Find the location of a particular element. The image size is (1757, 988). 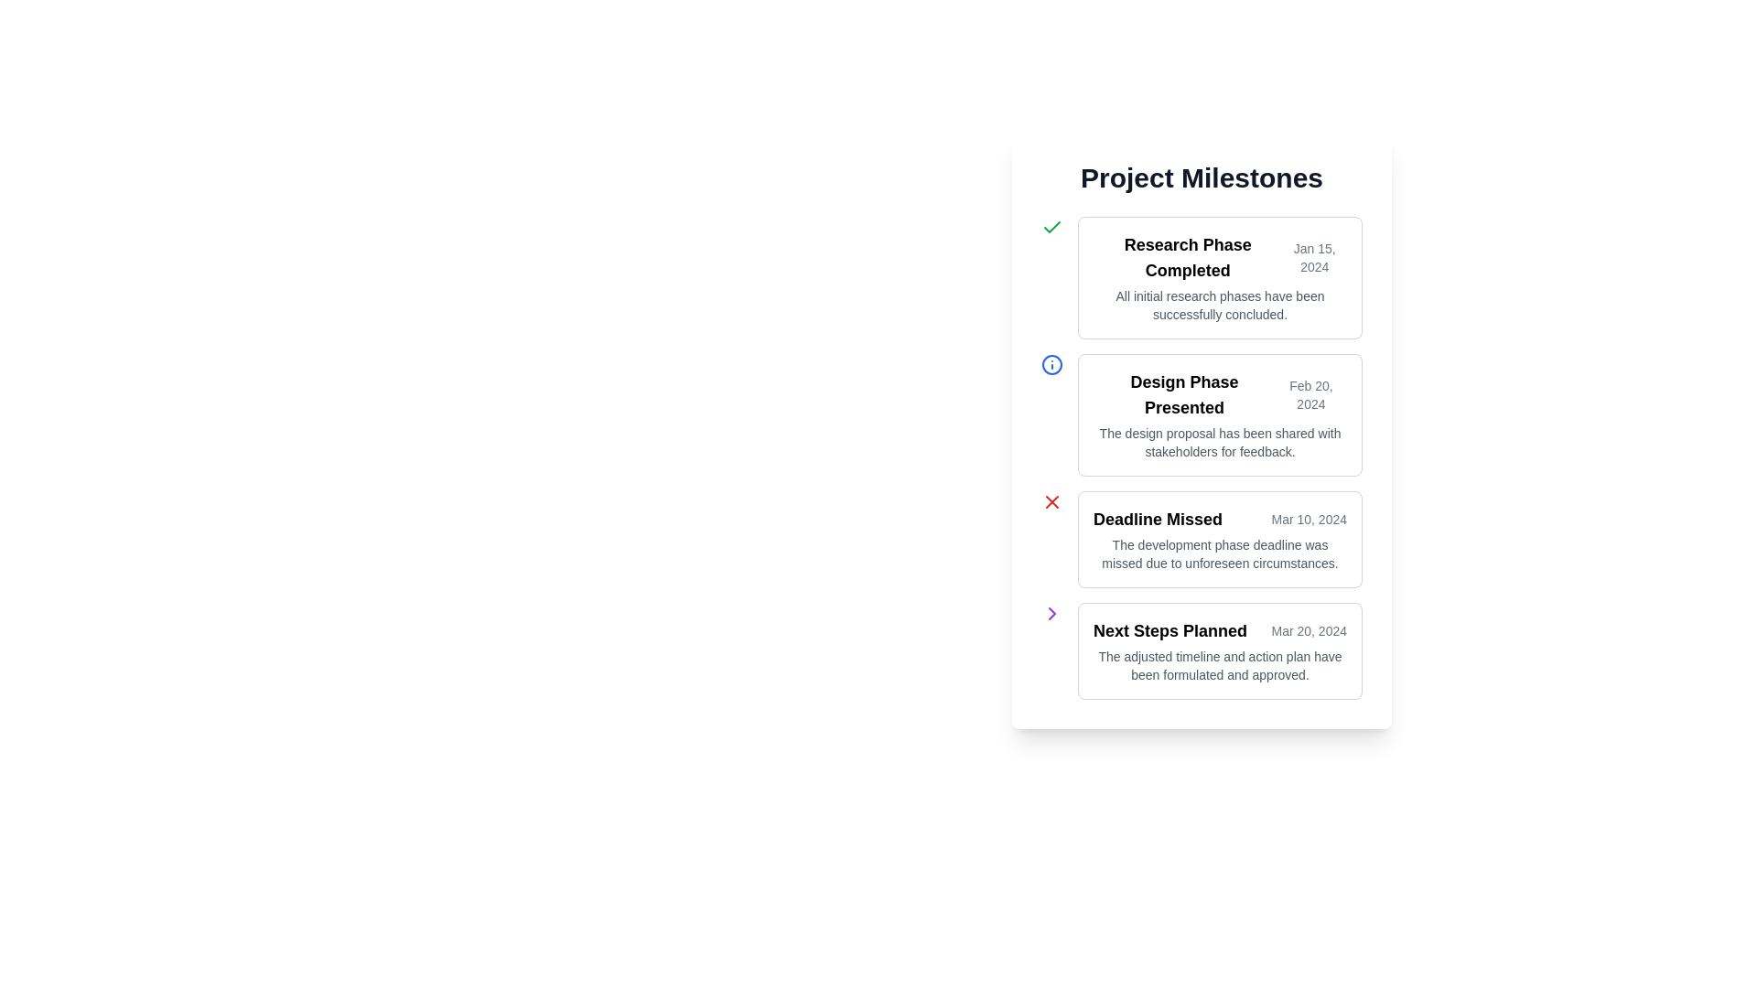

information presented in the third informational card located in the 'Project Milestones' section, which highlights a missed milestone with a clear title, associated date, and contextual information is located at coordinates (1202, 539).